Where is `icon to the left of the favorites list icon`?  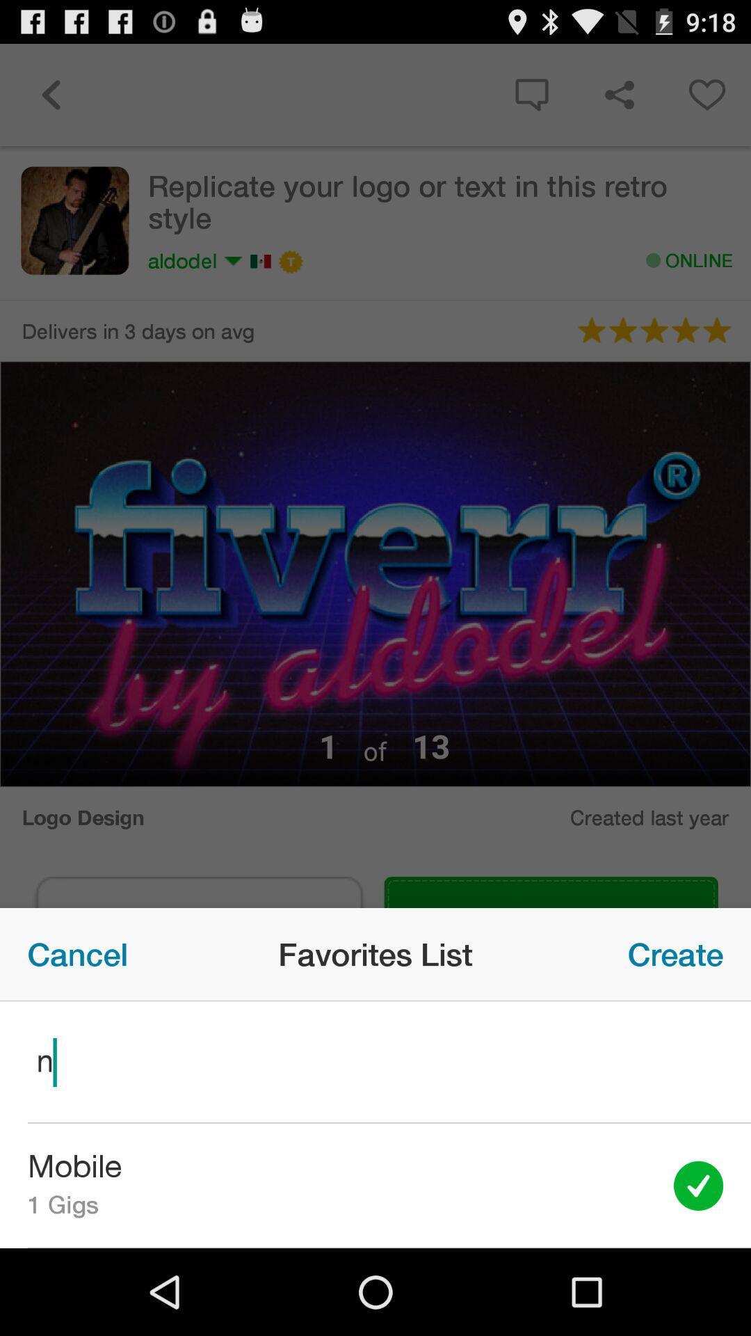 icon to the left of the favorites list icon is located at coordinates (77, 953).